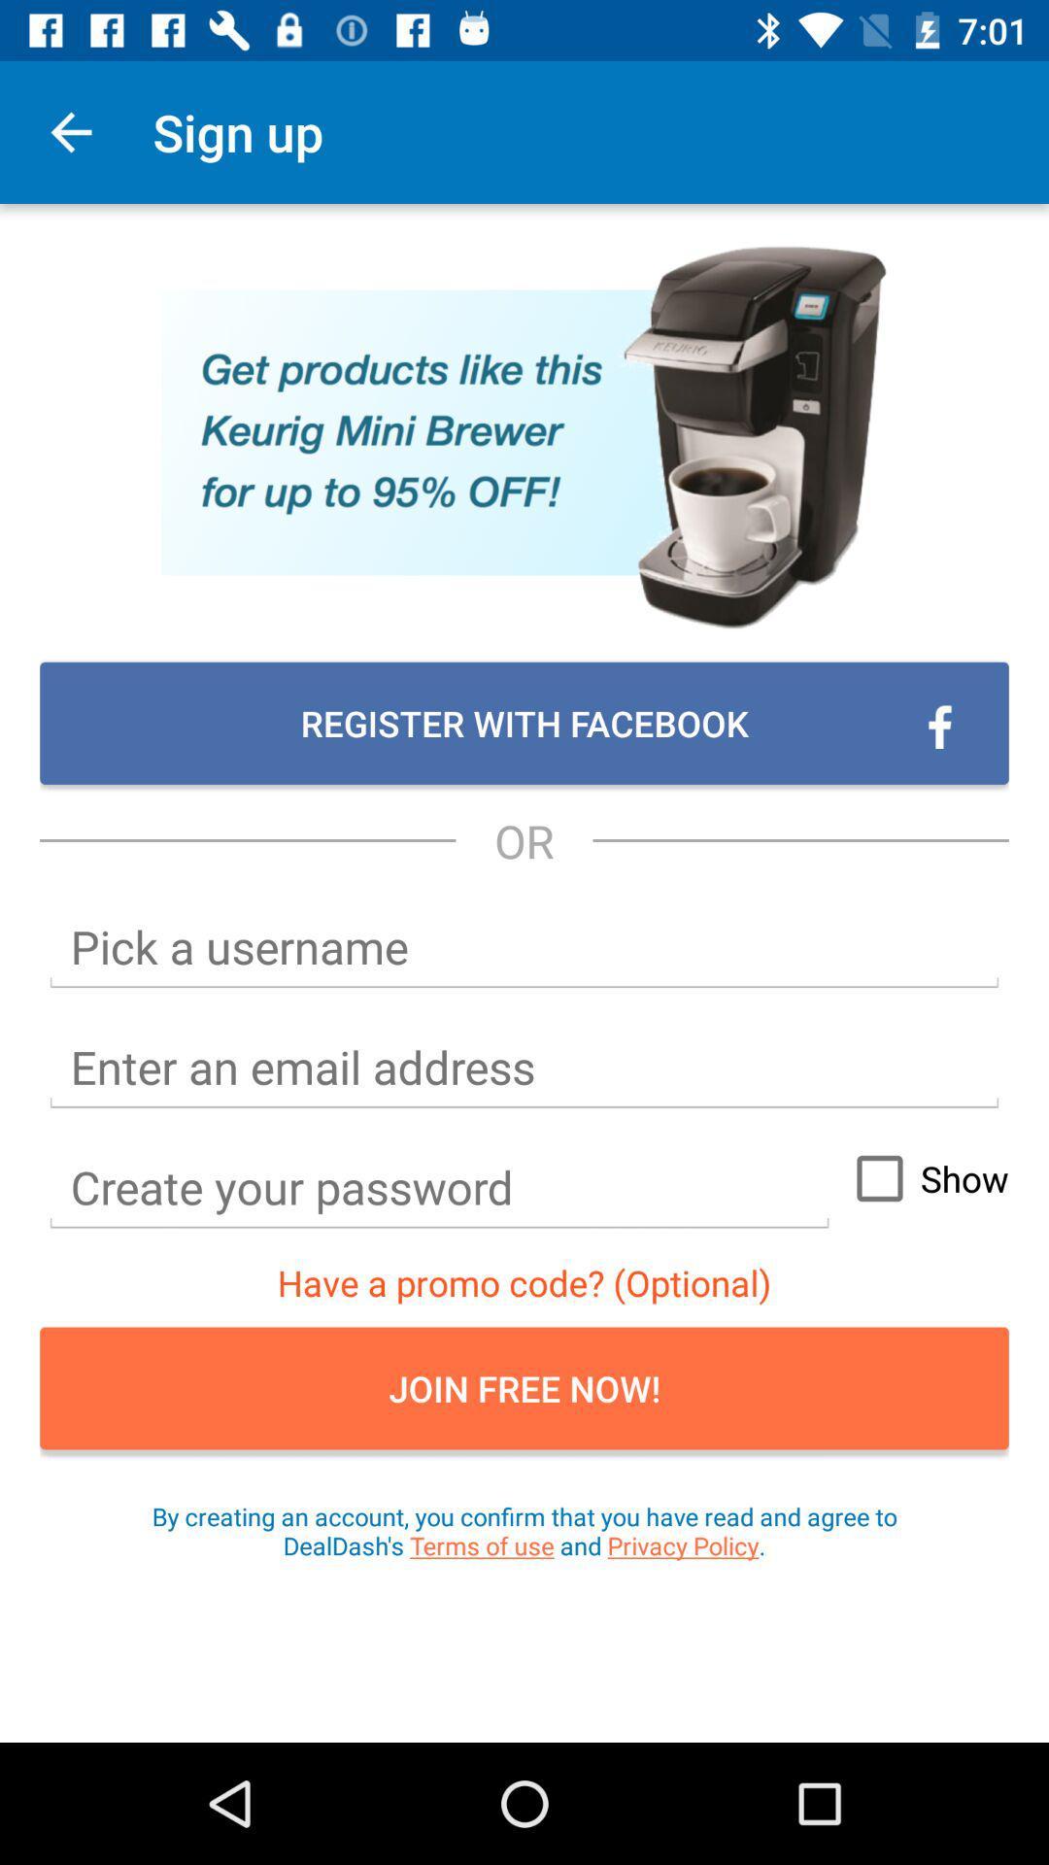 This screenshot has width=1049, height=1865. Describe the element at coordinates (524, 947) in the screenshot. I see `item below or icon` at that location.